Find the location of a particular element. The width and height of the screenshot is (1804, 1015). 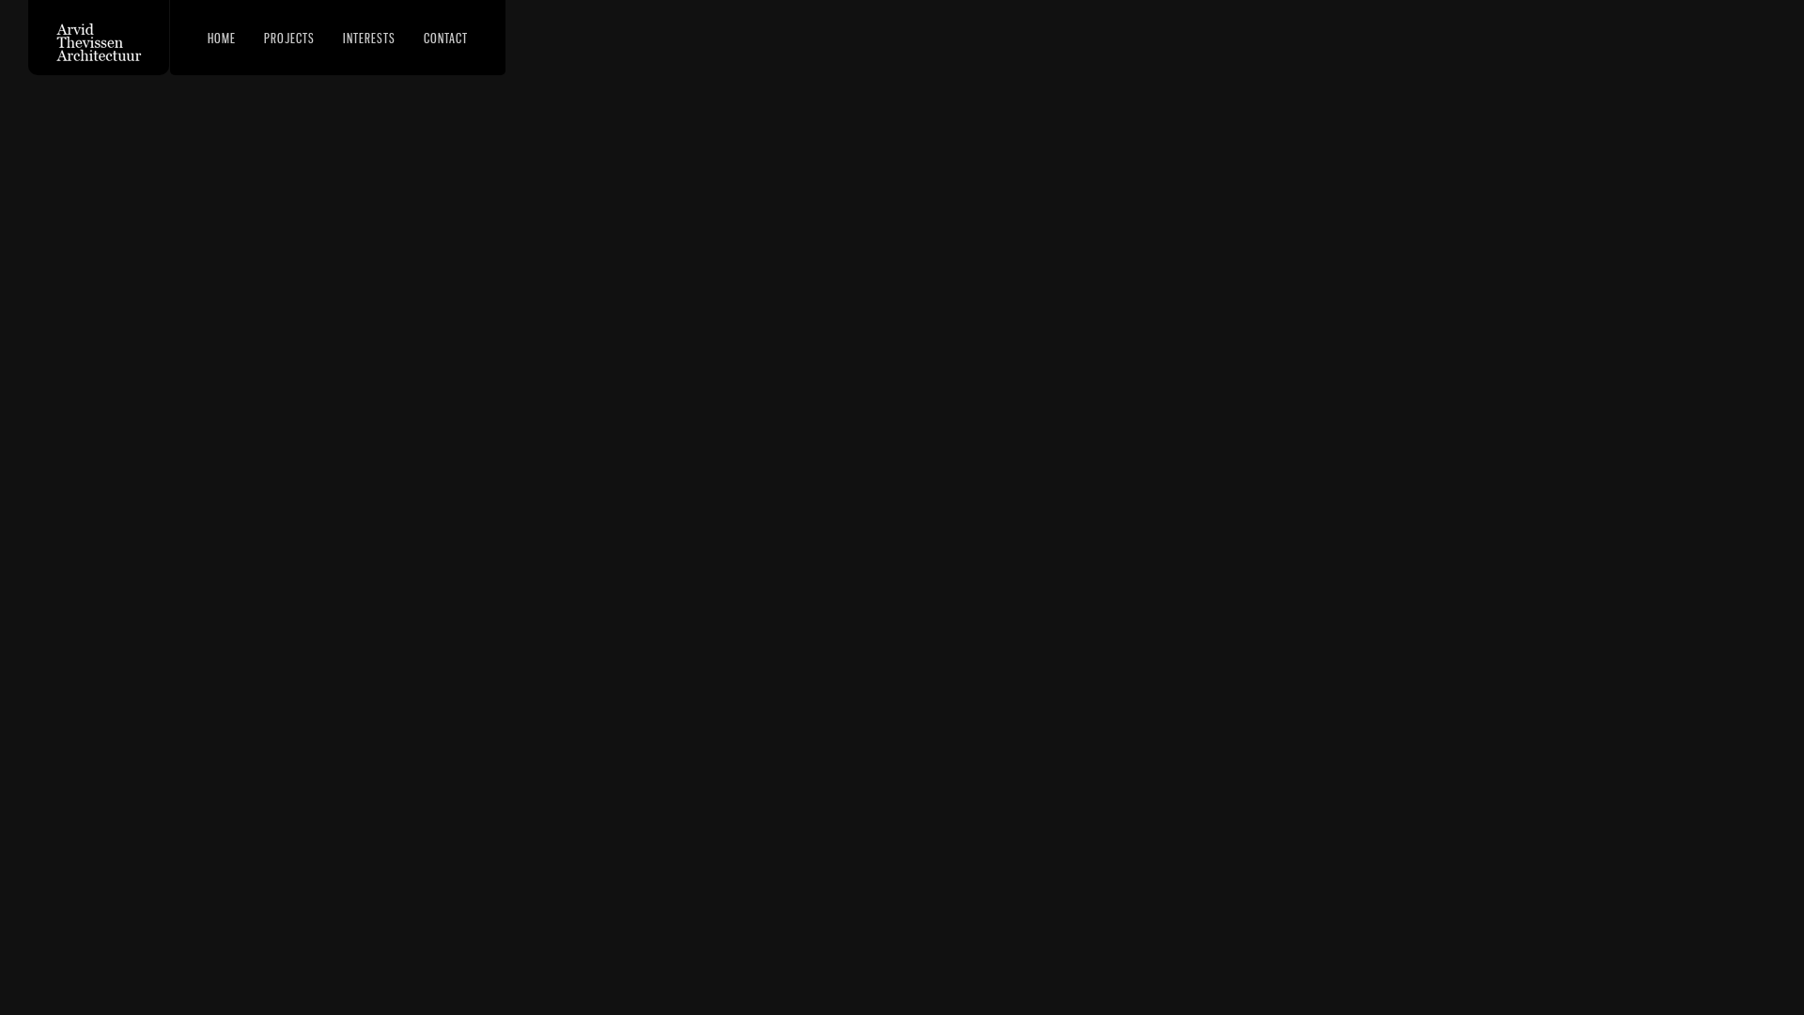

'PROJECTS' is located at coordinates (288, 36).